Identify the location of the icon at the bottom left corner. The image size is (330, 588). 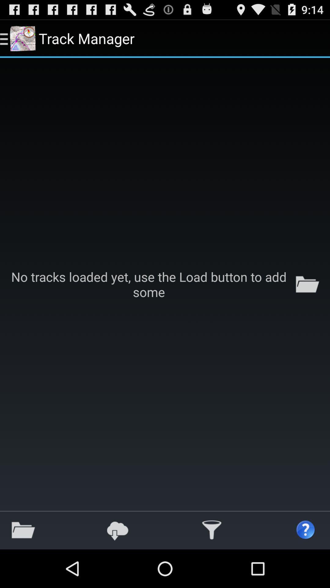
(23, 530).